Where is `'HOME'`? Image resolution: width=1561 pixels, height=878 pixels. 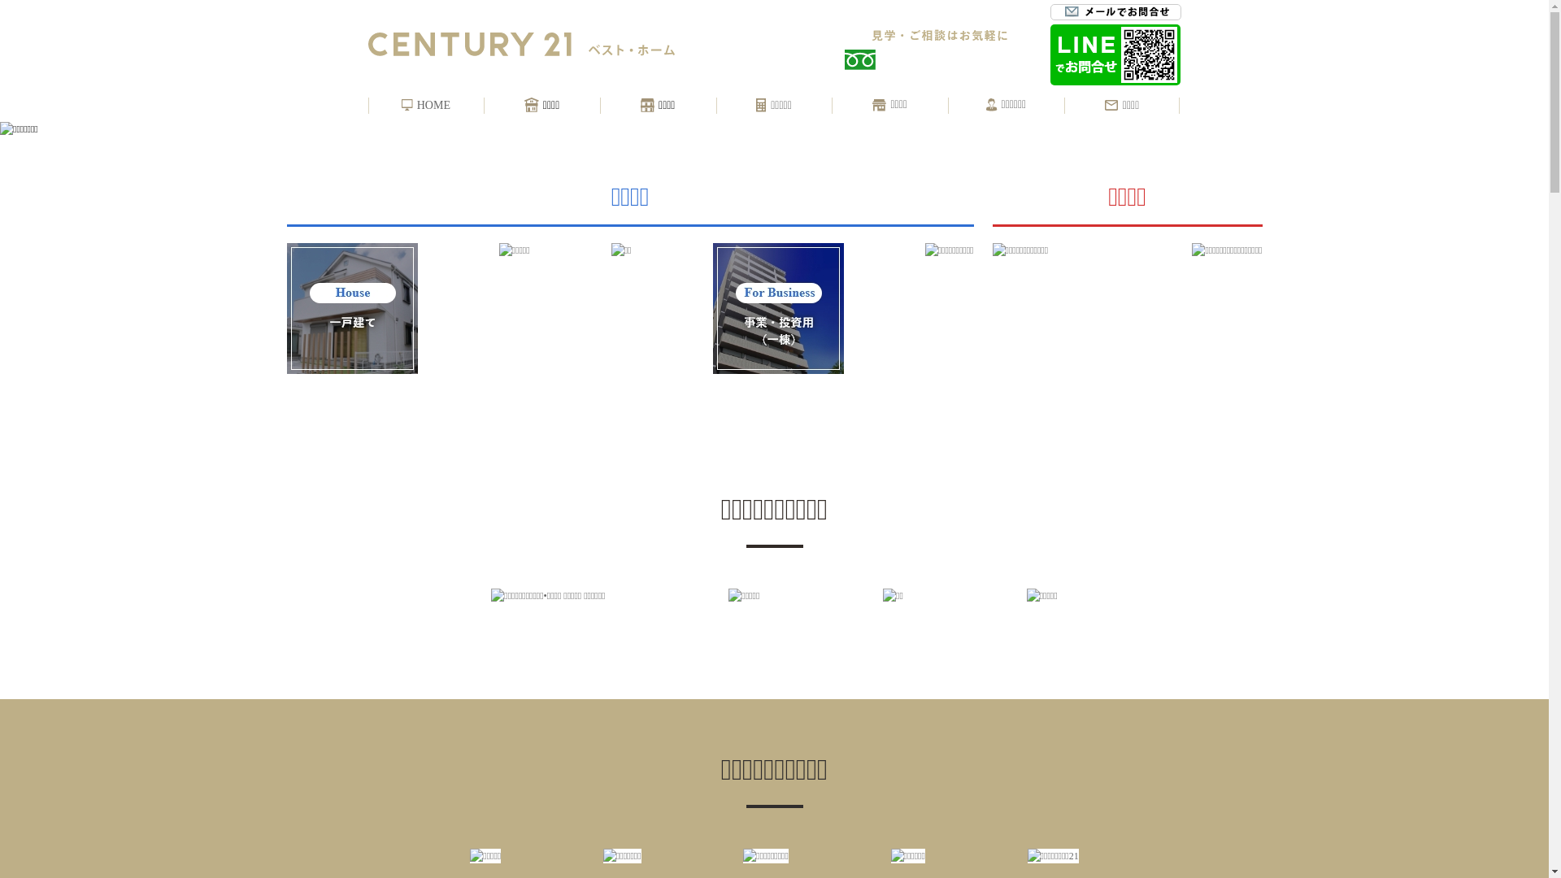 'HOME' is located at coordinates (402, 106).